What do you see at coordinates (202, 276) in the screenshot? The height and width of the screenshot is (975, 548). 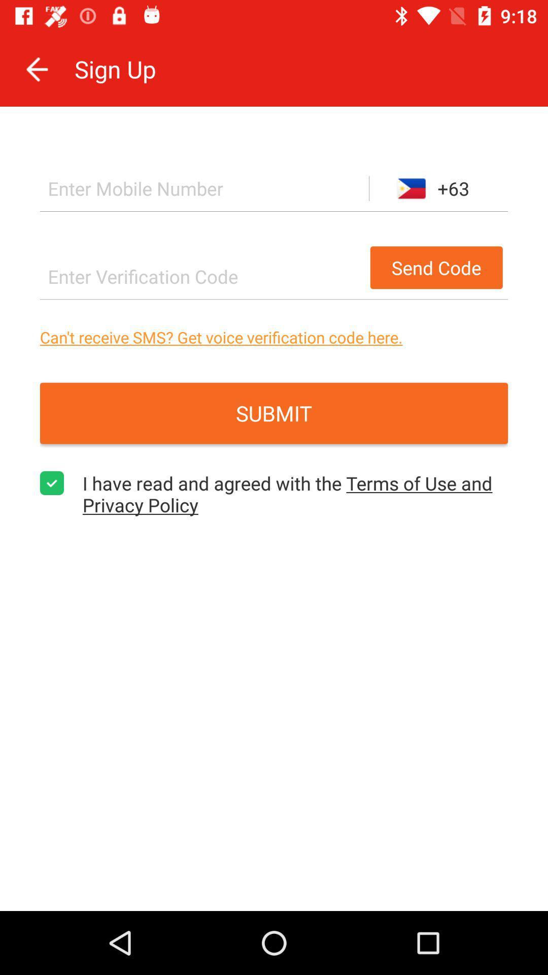 I see `item to the left of send code item` at bounding box center [202, 276].